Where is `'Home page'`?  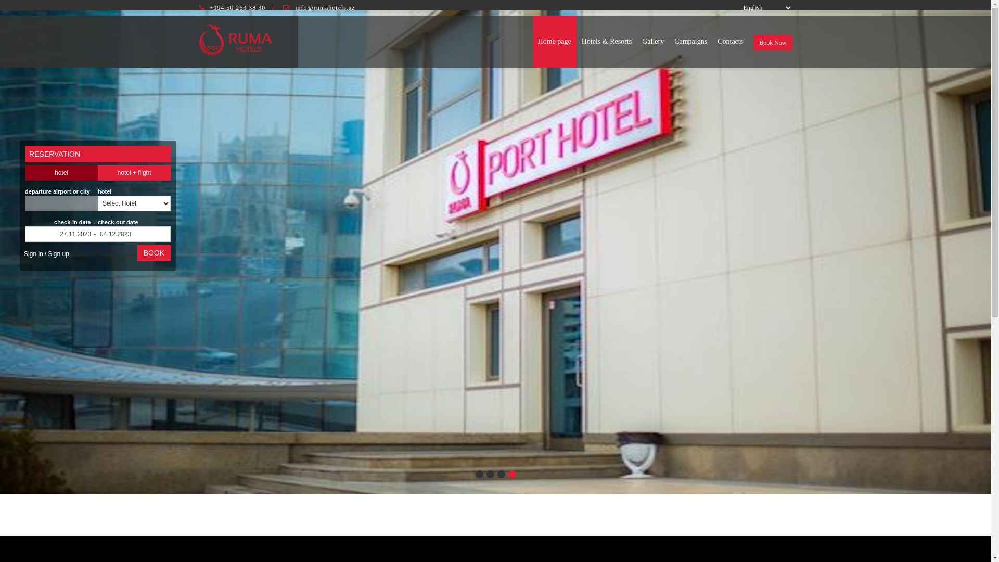
'Home page' is located at coordinates (554, 41).